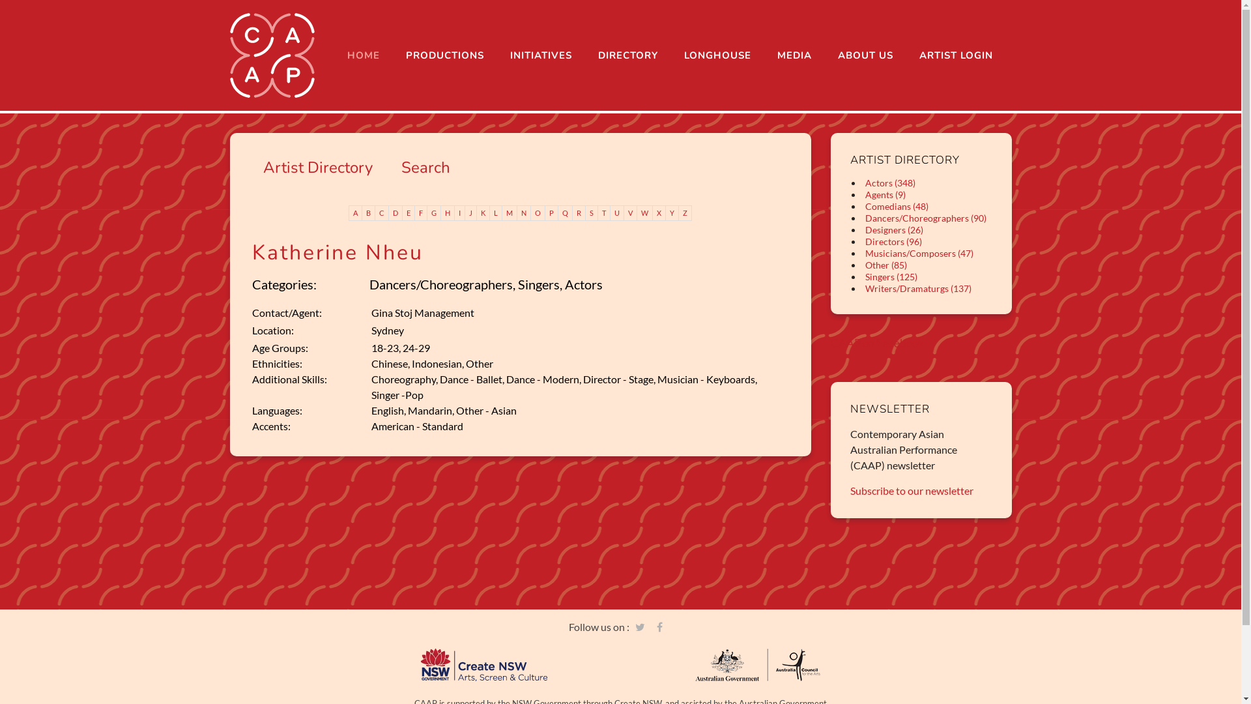 This screenshot has width=1251, height=704. What do you see at coordinates (334, 54) in the screenshot?
I see `'HOME'` at bounding box center [334, 54].